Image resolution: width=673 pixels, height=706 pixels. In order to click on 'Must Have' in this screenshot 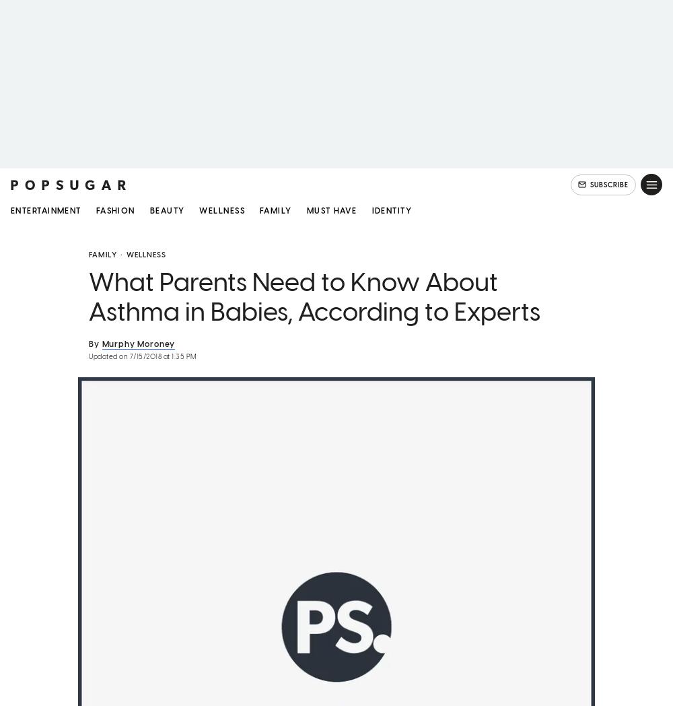, I will do `click(306, 211)`.